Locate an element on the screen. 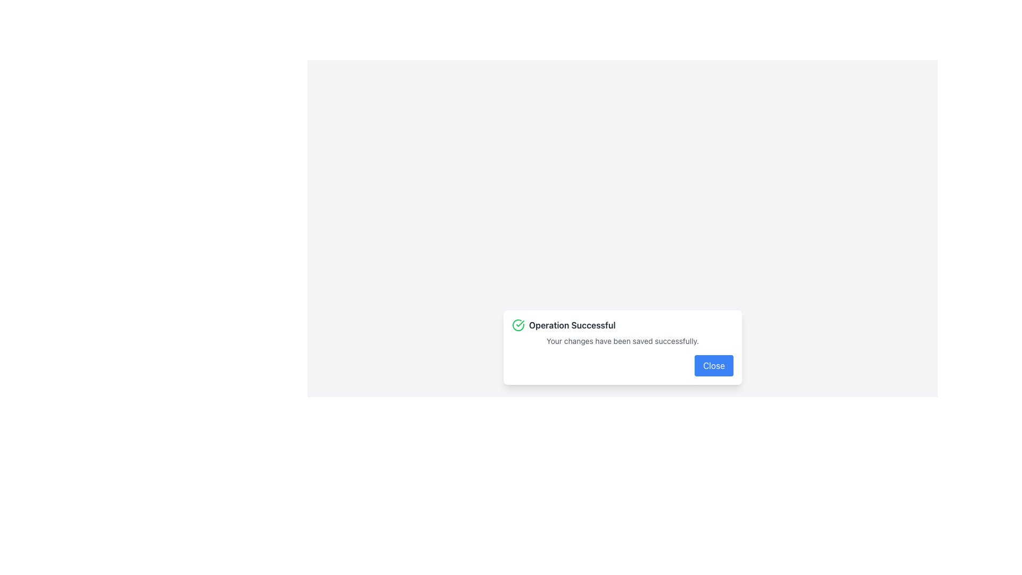 The width and height of the screenshot is (1022, 575). the 'Operation Successful' text label to potentially trigger a tooltip is located at coordinates (572, 324).